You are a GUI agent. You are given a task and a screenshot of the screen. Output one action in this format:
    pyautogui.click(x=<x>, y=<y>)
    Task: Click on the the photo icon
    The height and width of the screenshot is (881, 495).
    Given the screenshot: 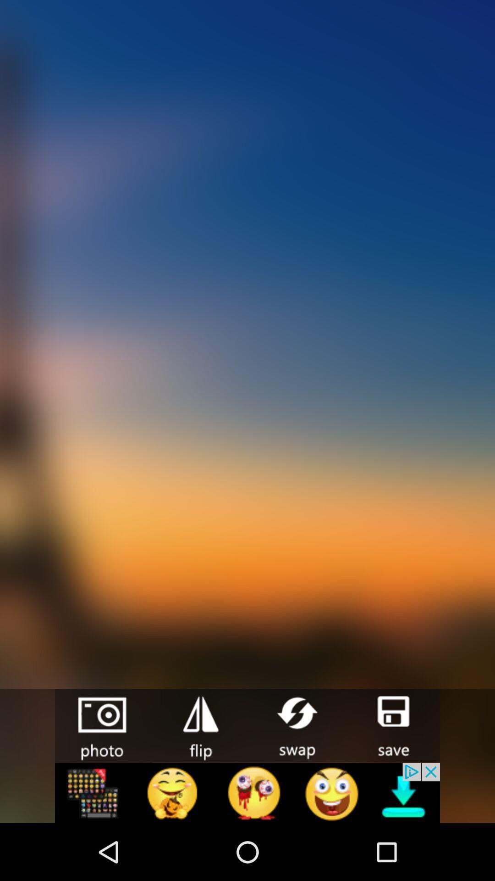 What is the action you would take?
    pyautogui.click(x=103, y=776)
    